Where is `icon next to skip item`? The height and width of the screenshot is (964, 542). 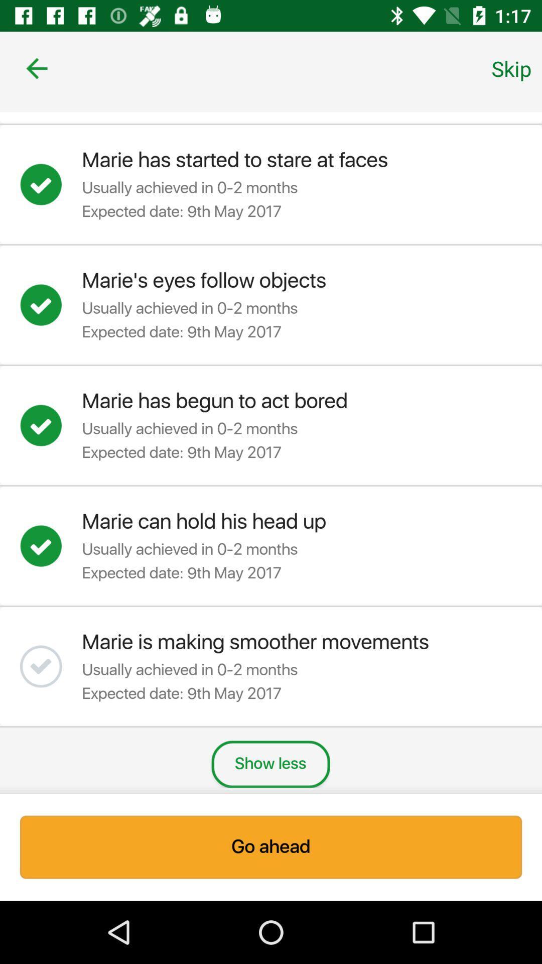 icon next to skip item is located at coordinates (36, 68).